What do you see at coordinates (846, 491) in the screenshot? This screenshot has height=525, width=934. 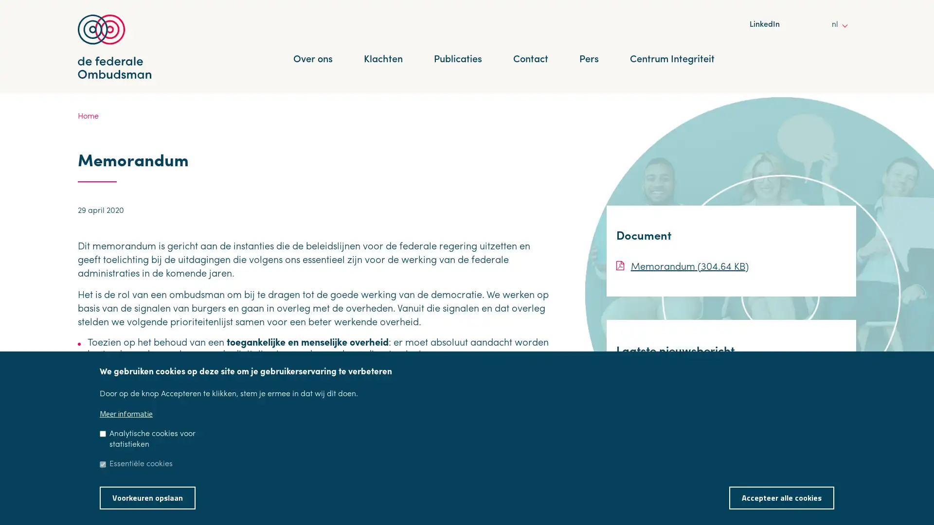 I see `Toestemming intrekken` at bounding box center [846, 491].